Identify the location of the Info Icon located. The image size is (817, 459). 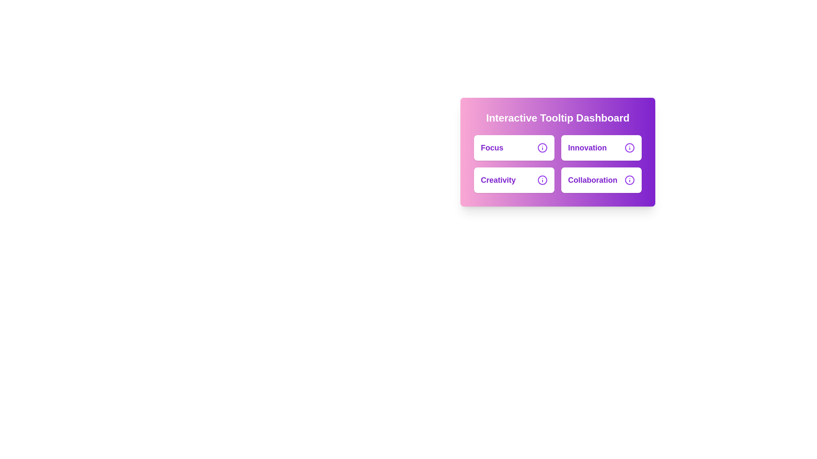
(542, 180).